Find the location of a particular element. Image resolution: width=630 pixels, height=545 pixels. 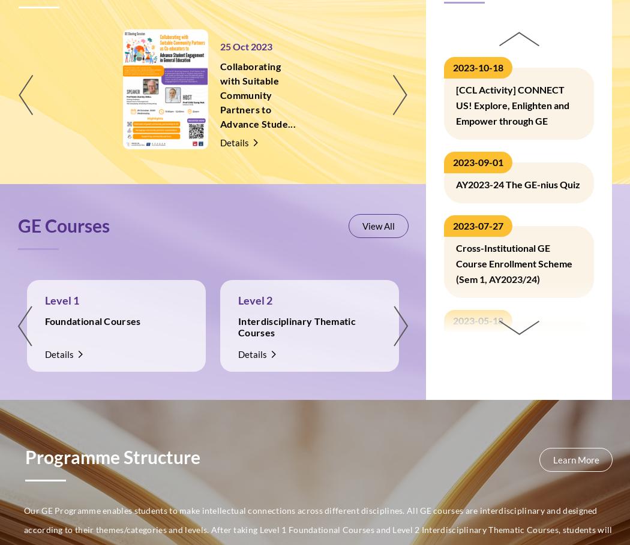

'Foundational Courses' is located at coordinates (92, 321).